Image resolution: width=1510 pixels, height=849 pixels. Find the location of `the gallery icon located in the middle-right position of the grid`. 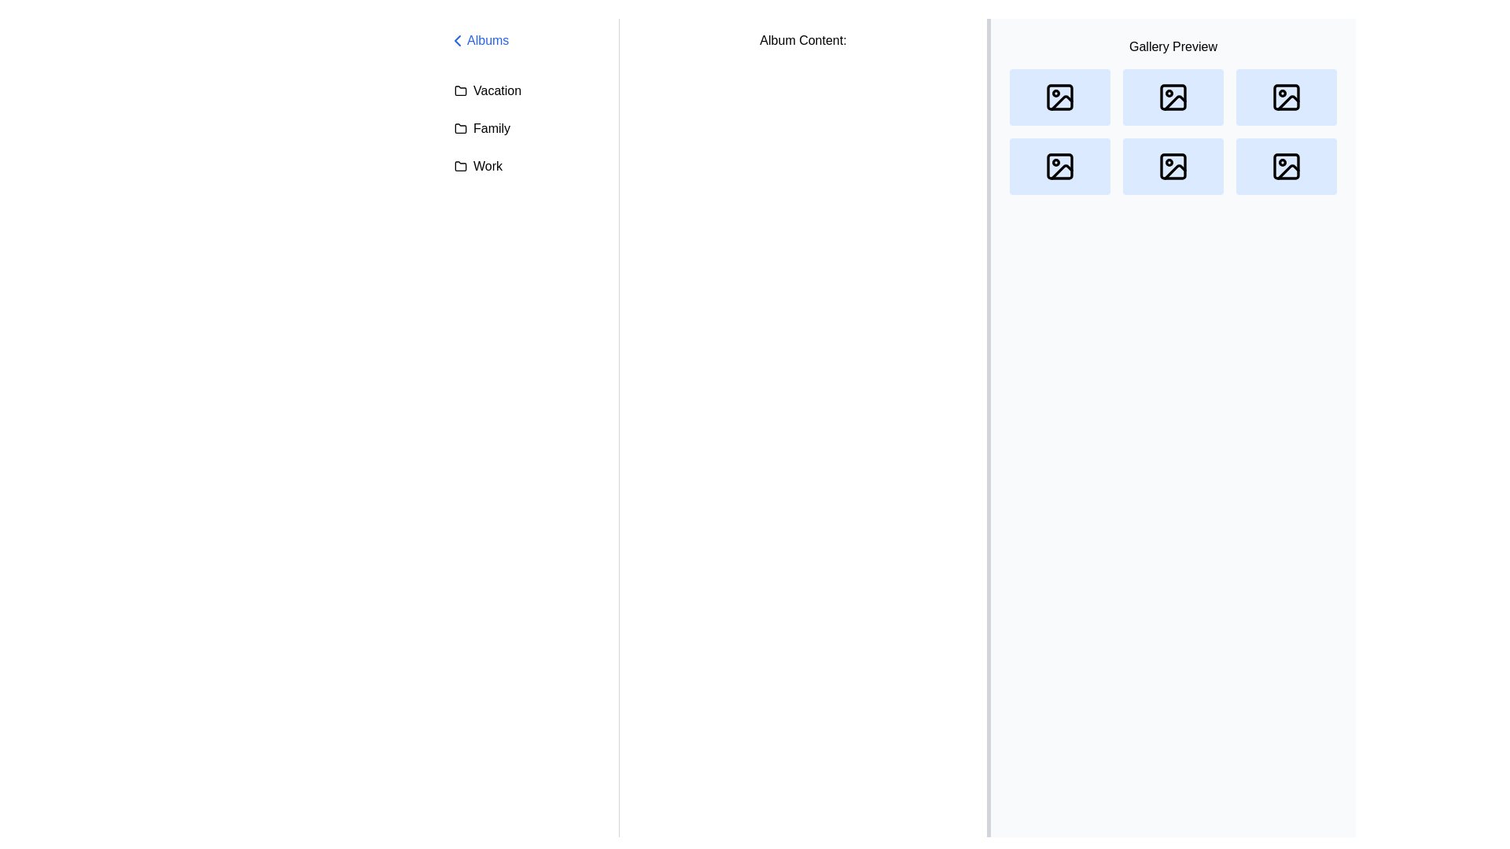

the gallery icon located in the middle-right position of the grid is located at coordinates (1173, 167).